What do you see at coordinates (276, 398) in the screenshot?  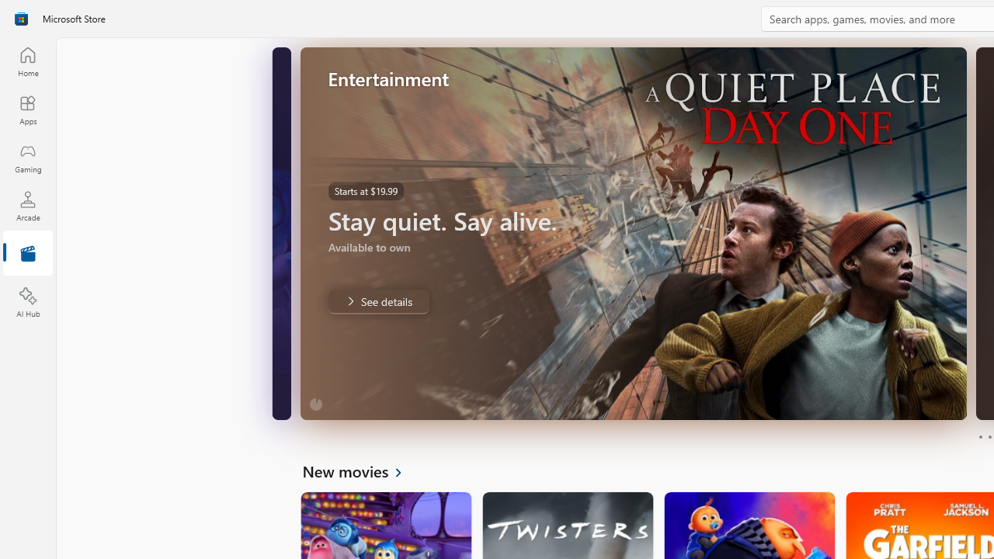 I see `'Unmute'` at bounding box center [276, 398].